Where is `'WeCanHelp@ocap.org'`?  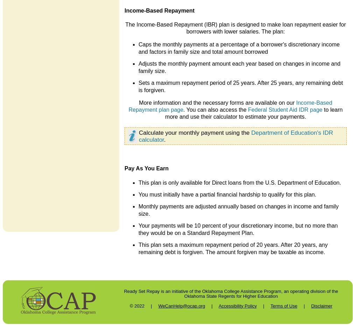
'WeCanHelp@ocap.org' is located at coordinates (182, 305).